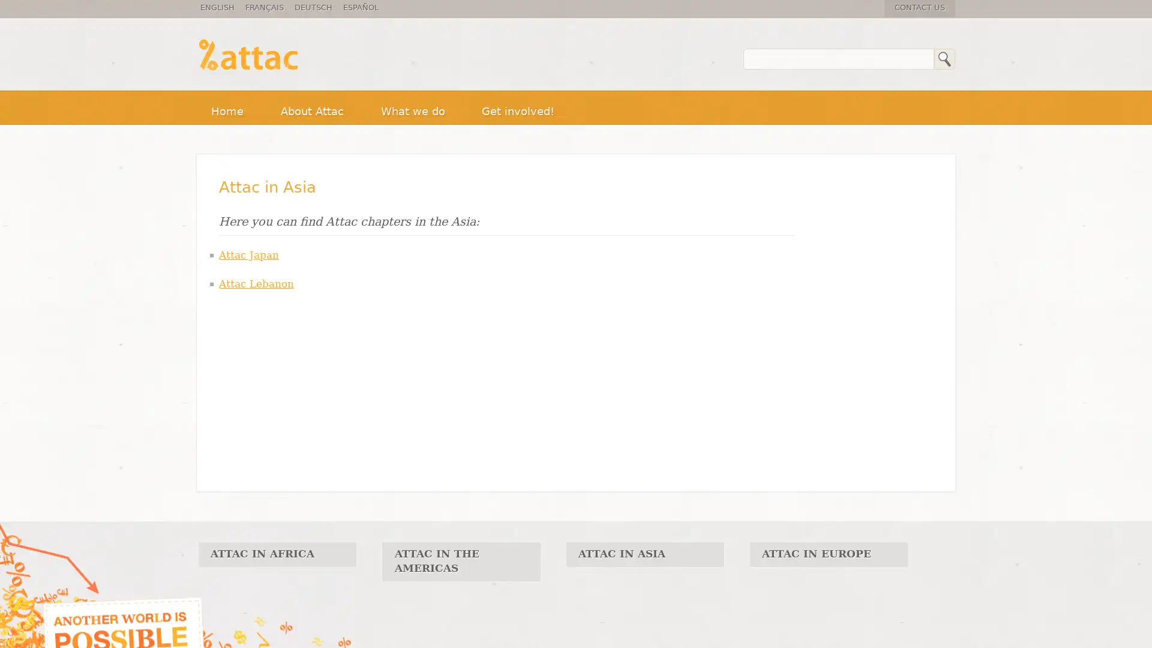 This screenshot has width=1152, height=648. Describe the element at coordinates (944, 59) in the screenshot. I see `Search` at that location.